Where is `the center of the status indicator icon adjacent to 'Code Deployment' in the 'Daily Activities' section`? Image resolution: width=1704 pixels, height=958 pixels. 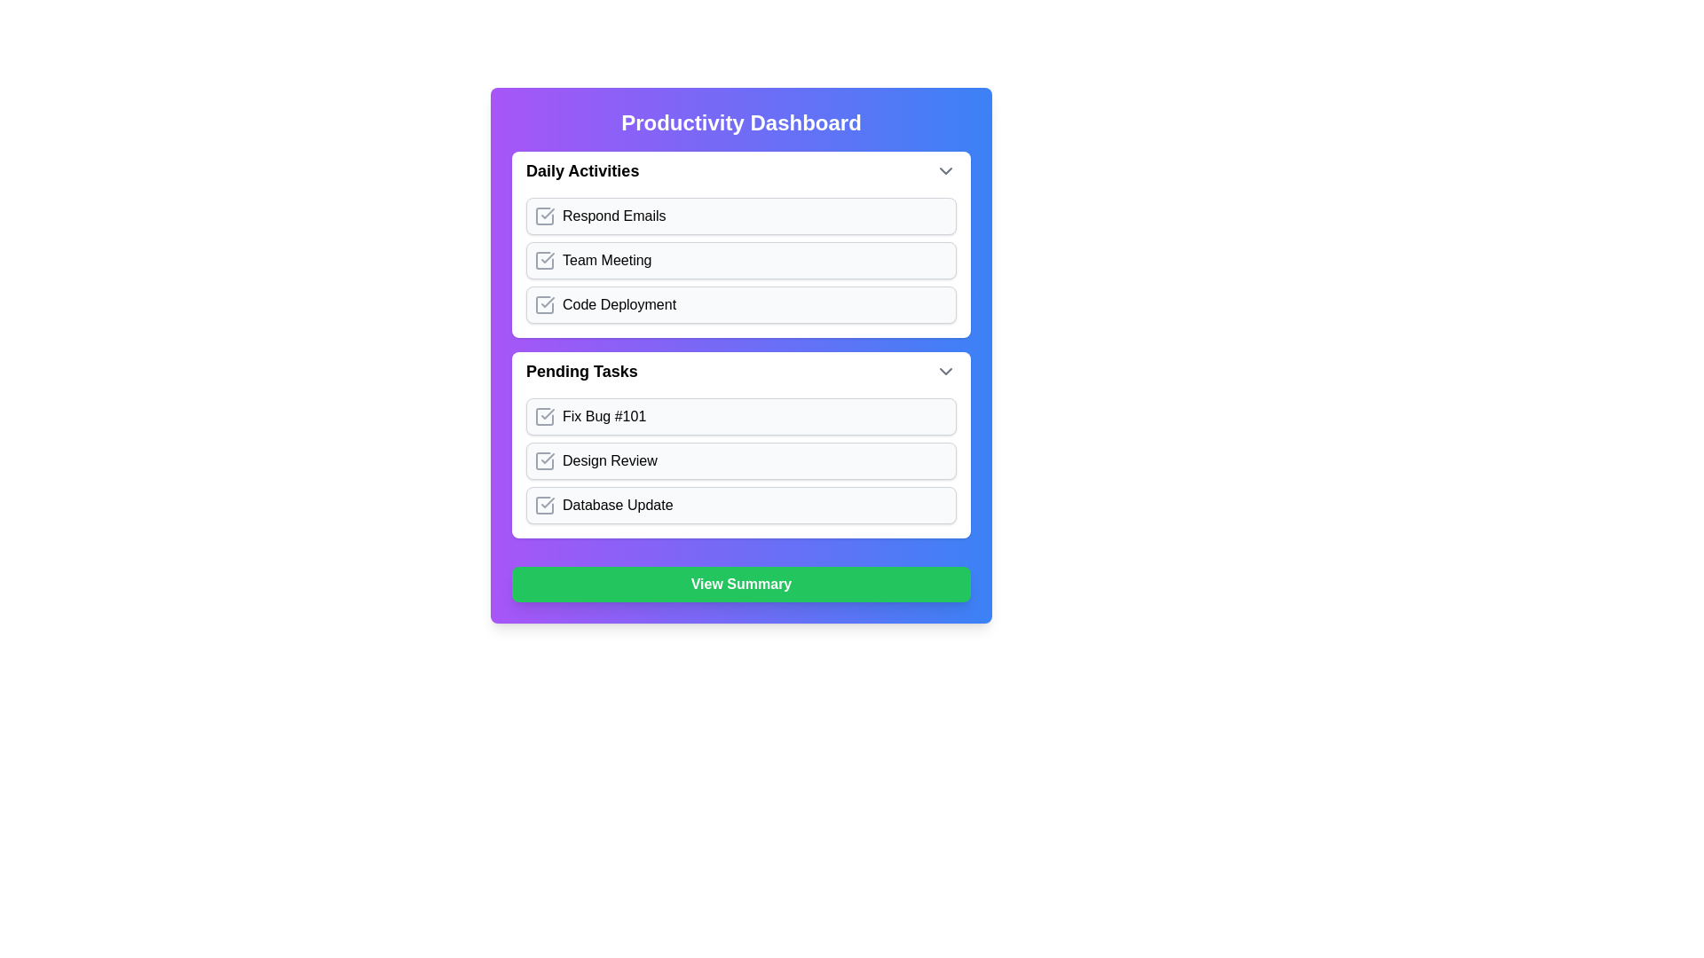
the center of the status indicator icon adjacent to 'Code Deployment' in the 'Daily Activities' section is located at coordinates (547, 301).